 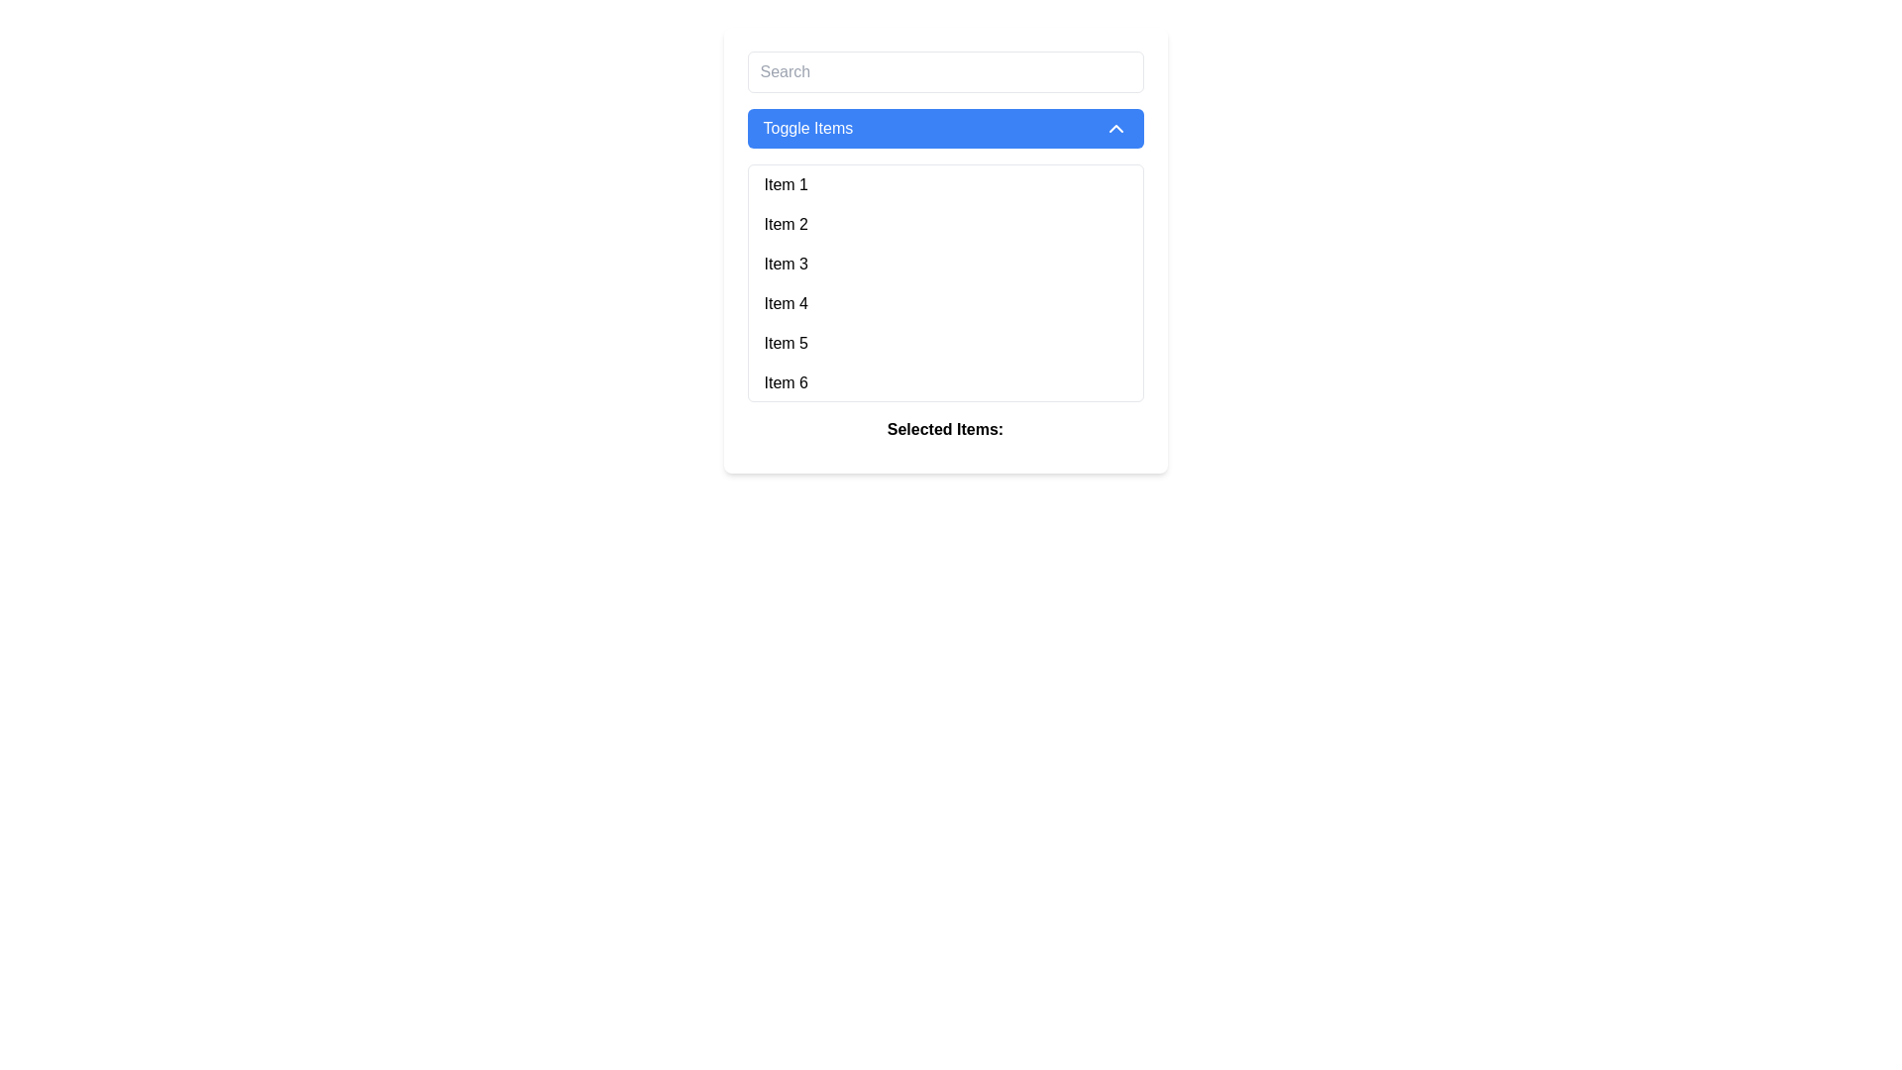 What do you see at coordinates (944, 129) in the screenshot?
I see `the toggle button located below the search input field to interact with the keyboard` at bounding box center [944, 129].